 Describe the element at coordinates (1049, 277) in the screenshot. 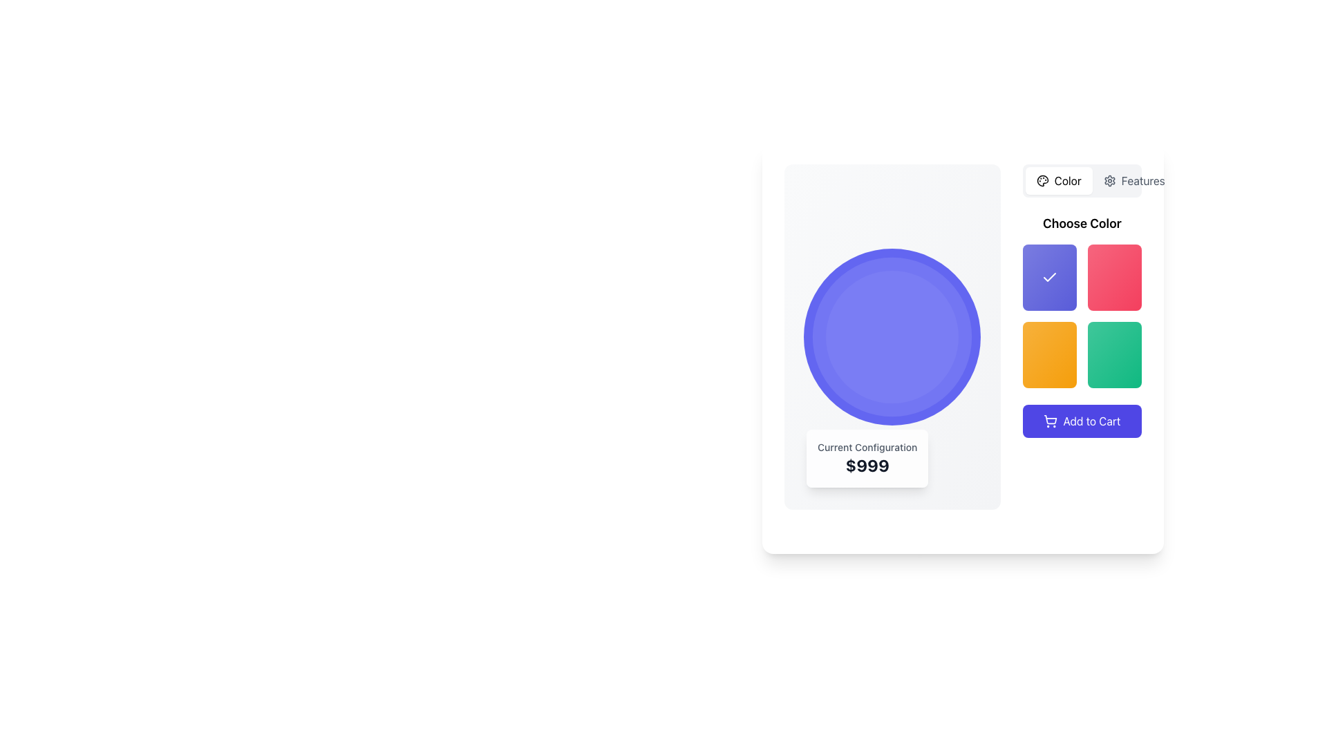

I see `the indigo color selection button located in the top-left corner of the grid layout` at that location.